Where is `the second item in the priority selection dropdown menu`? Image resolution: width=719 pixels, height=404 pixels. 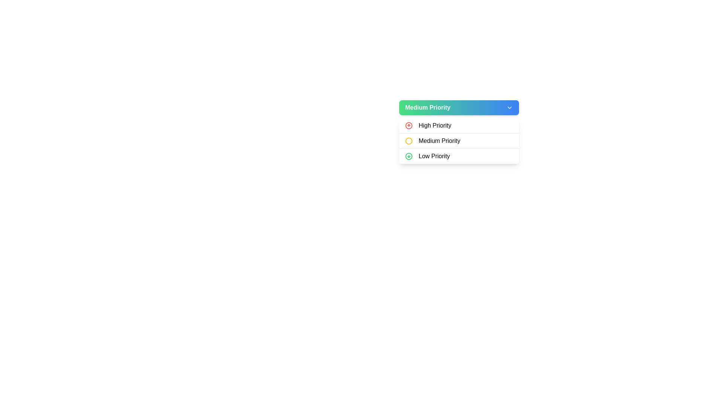 the second item in the priority selection dropdown menu is located at coordinates (458, 141).